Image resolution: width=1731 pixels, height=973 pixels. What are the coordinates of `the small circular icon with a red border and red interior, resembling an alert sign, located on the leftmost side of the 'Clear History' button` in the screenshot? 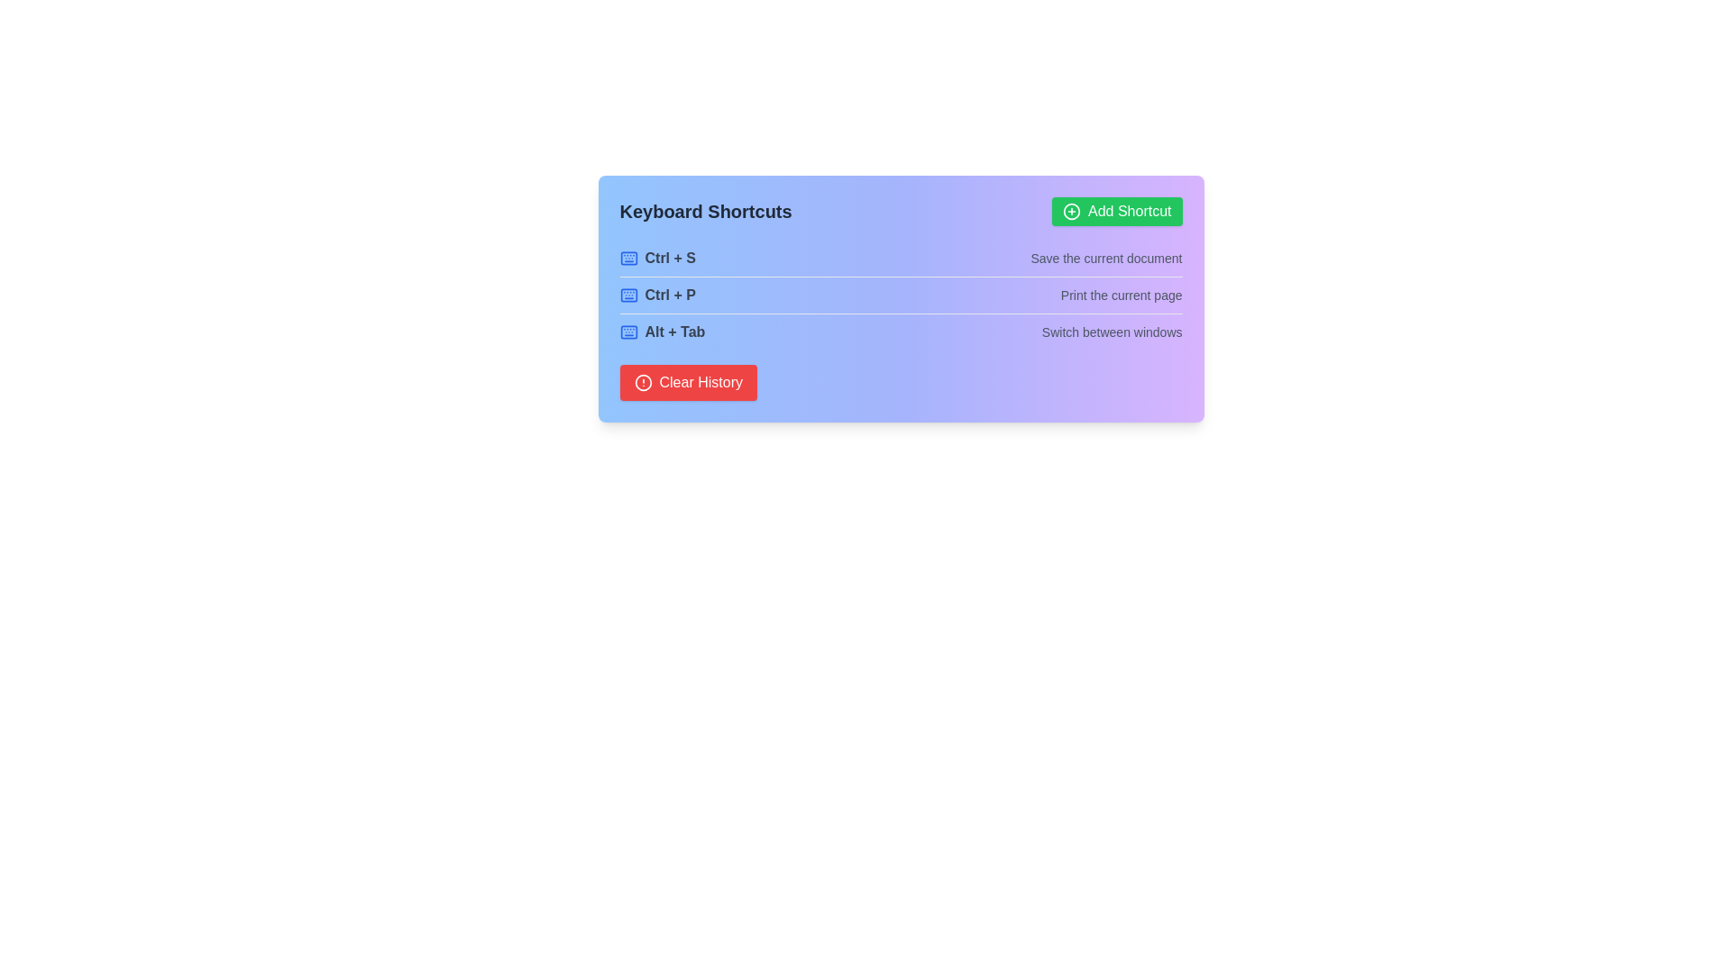 It's located at (643, 381).